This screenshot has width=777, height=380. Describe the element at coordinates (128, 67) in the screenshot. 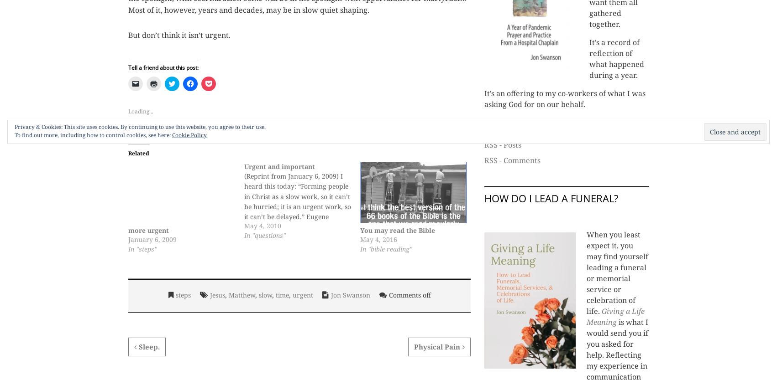

I see `'Tell a friend about this post:'` at that location.